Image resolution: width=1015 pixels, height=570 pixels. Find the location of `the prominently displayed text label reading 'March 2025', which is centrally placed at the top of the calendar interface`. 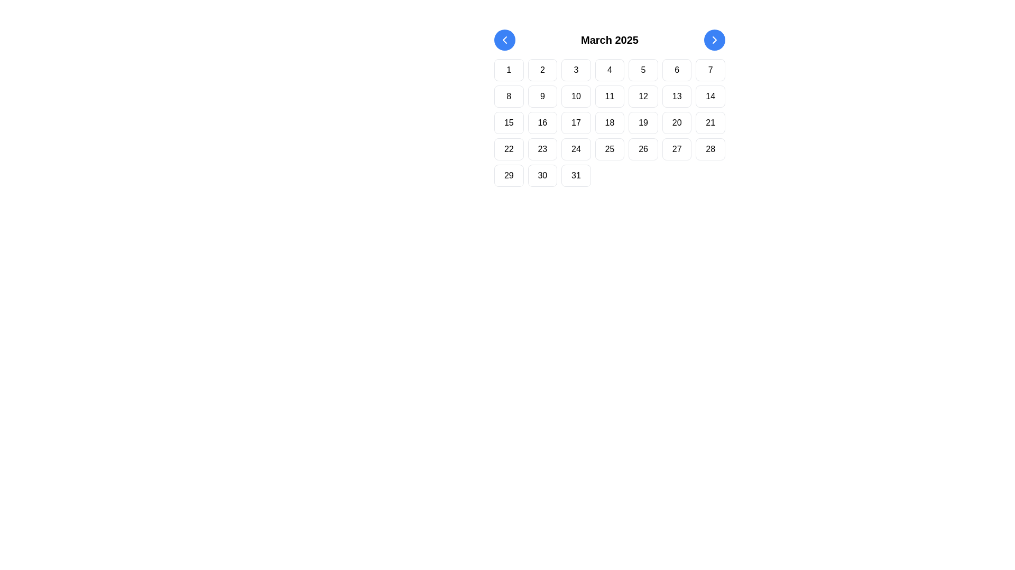

the prominently displayed text label reading 'March 2025', which is centrally placed at the top of the calendar interface is located at coordinates (610, 40).